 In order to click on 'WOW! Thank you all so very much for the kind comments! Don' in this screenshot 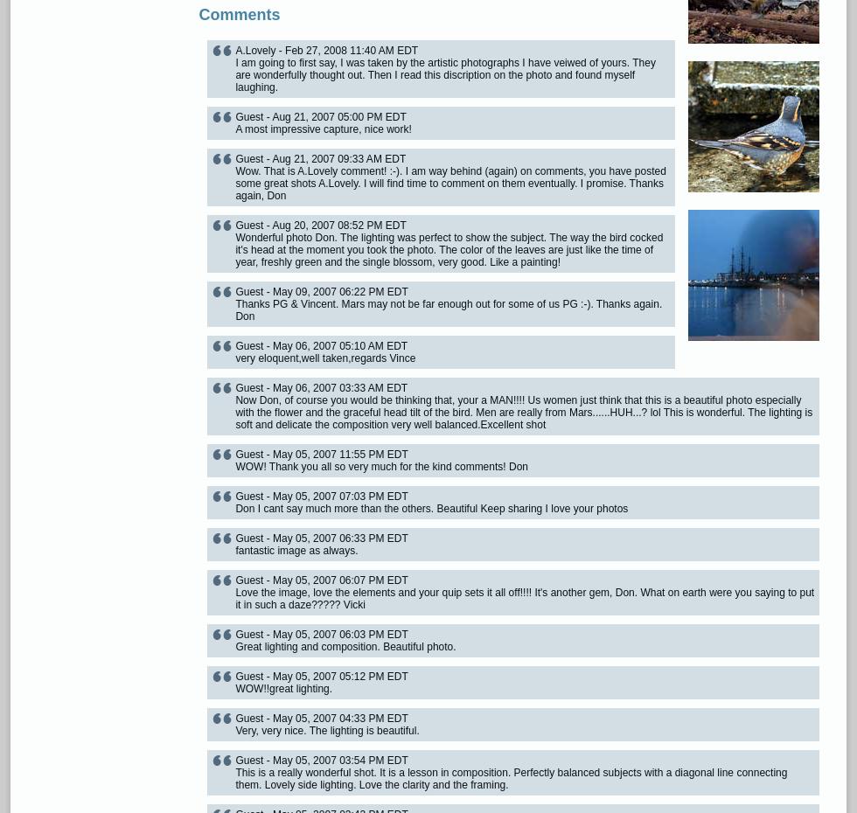, I will do `click(381, 466)`.